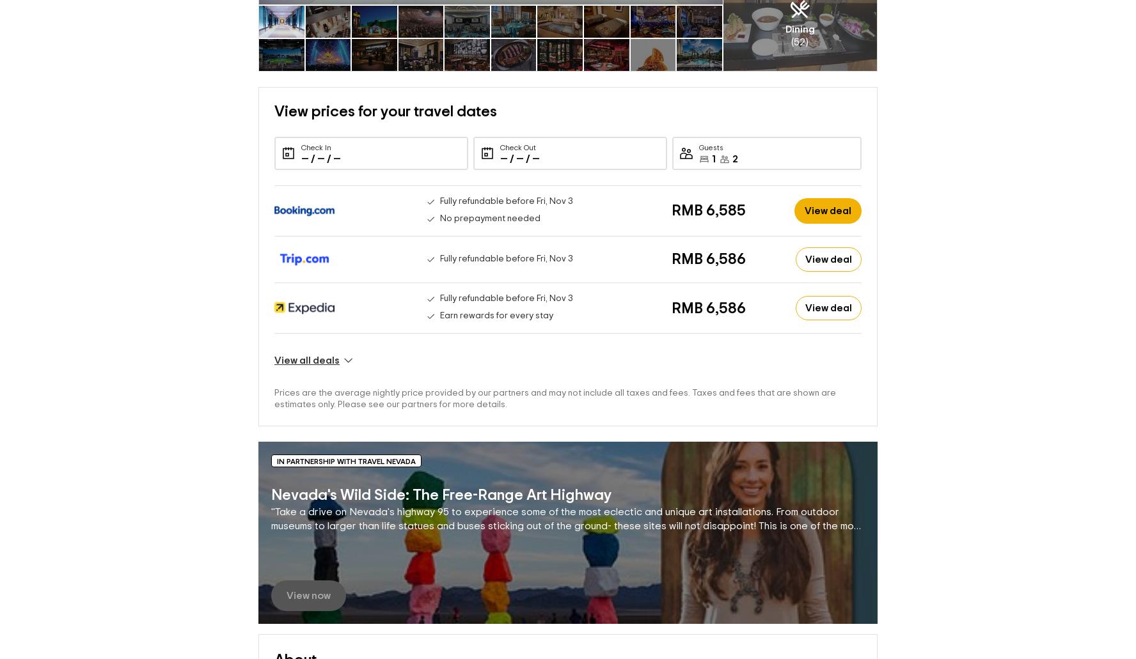 Image resolution: width=1136 pixels, height=659 pixels. What do you see at coordinates (495, 295) in the screenshot?
I see `'Earn rewards for every stay'` at bounding box center [495, 295].